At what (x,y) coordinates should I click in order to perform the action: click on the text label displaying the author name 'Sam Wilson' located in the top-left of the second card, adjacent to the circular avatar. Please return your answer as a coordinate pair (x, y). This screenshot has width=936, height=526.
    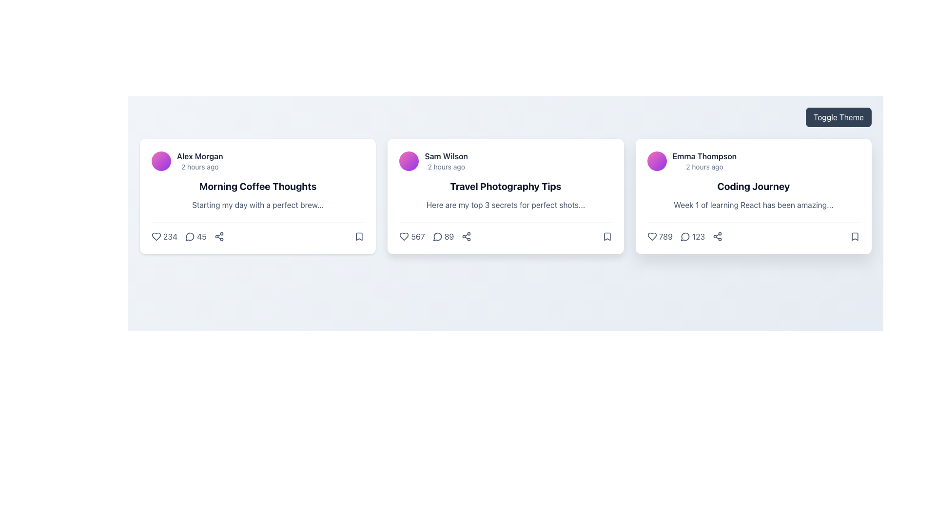
    Looking at the image, I should click on (446, 155).